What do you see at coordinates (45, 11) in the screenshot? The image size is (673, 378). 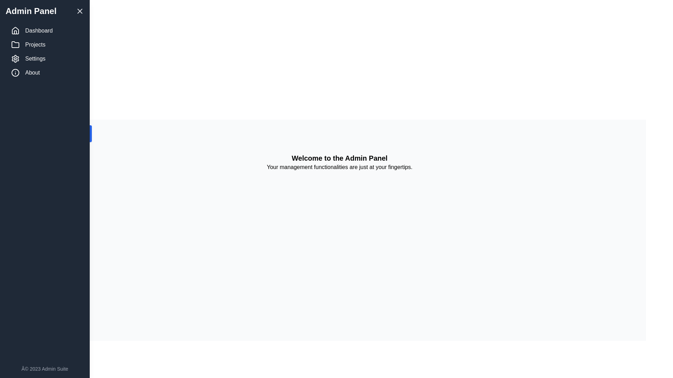 I see `the 'Admin Panel' header or the close icon ('X') on the right side of the header` at bounding box center [45, 11].